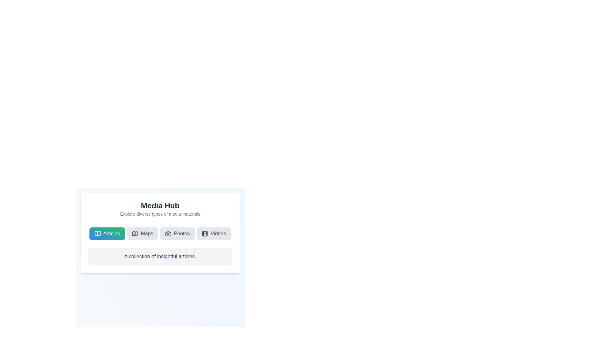 This screenshot has width=611, height=343. I want to click on the 'Maps' icon, which is located to the left of the label text 'Maps' within its button in a group of similar buttons, so click(135, 234).